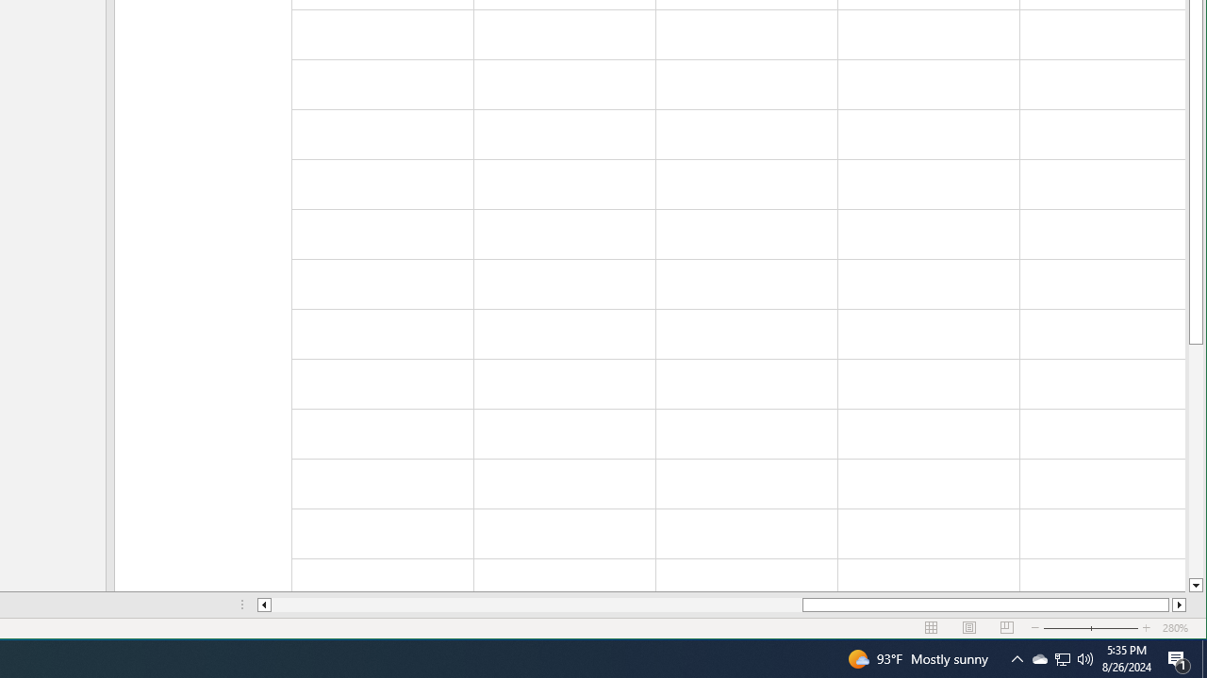 This screenshot has width=1207, height=678. I want to click on 'Page down', so click(1195, 460).